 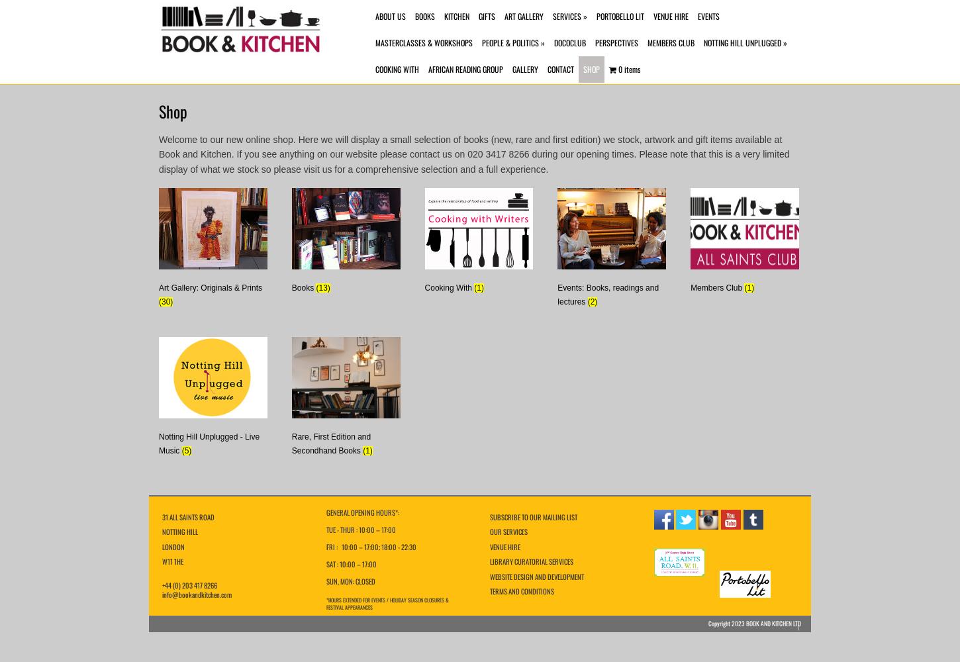 What do you see at coordinates (162, 516) in the screenshot?
I see `'31 ALL SAINTS ROAD'` at bounding box center [162, 516].